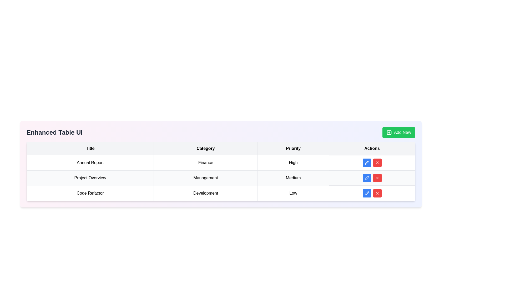 This screenshot has height=284, width=505. I want to click on the 'Priority' column header label in the grid, which is the third column header between 'Category' and 'Actions', so click(293, 148).